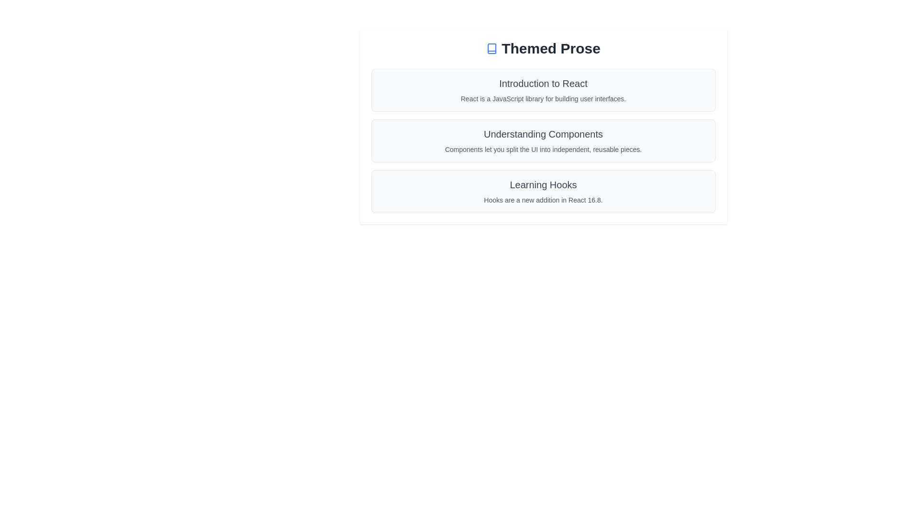  Describe the element at coordinates (543, 99) in the screenshot. I see `the descriptive text that states 'React is a JavaScript library for building user interfaces.' positioned below the heading 'Introduction to React.'` at that location.